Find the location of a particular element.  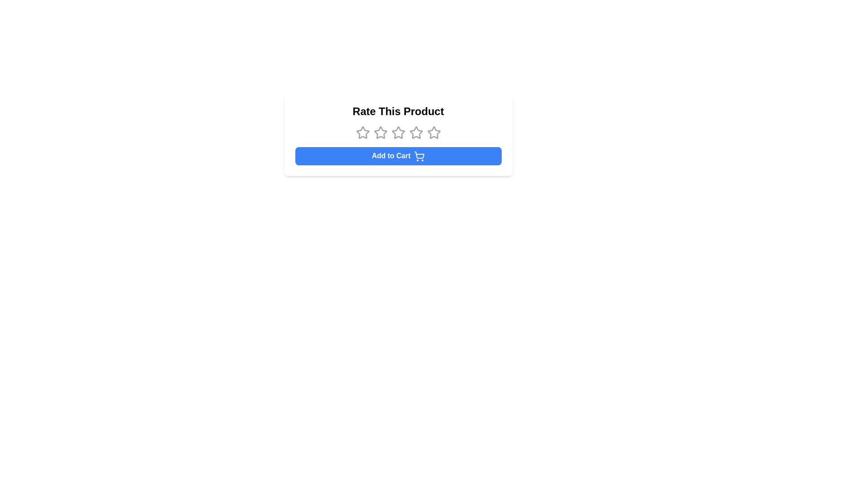

the second star in the rating system under 'Rate This Product' is located at coordinates (380, 133).